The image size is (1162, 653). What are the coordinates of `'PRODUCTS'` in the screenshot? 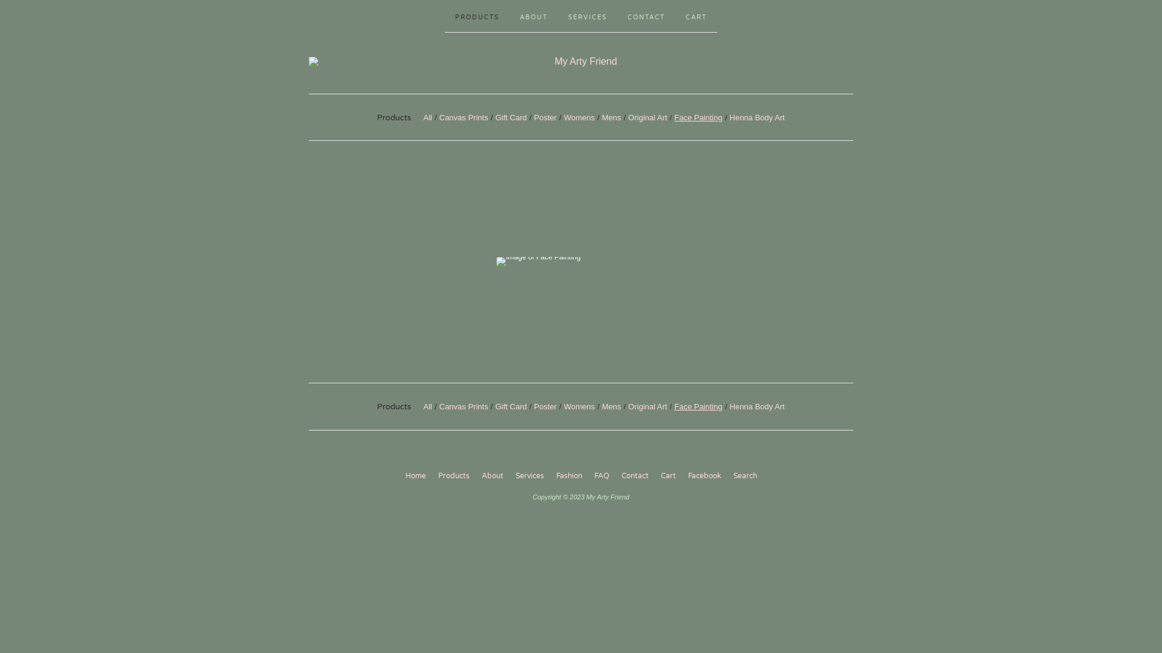 It's located at (476, 16).